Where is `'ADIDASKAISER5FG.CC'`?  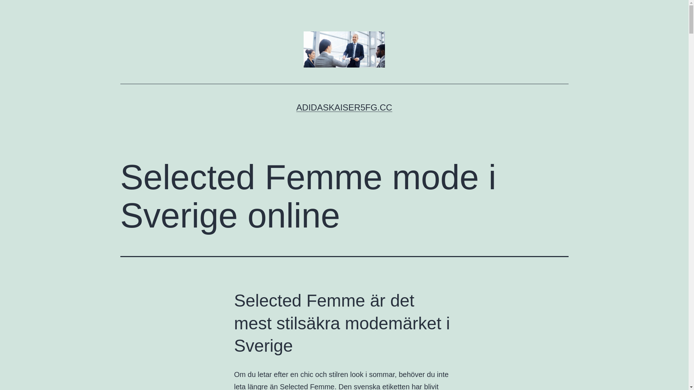
'ADIDASKAISER5FG.CC' is located at coordinates (296, 107).